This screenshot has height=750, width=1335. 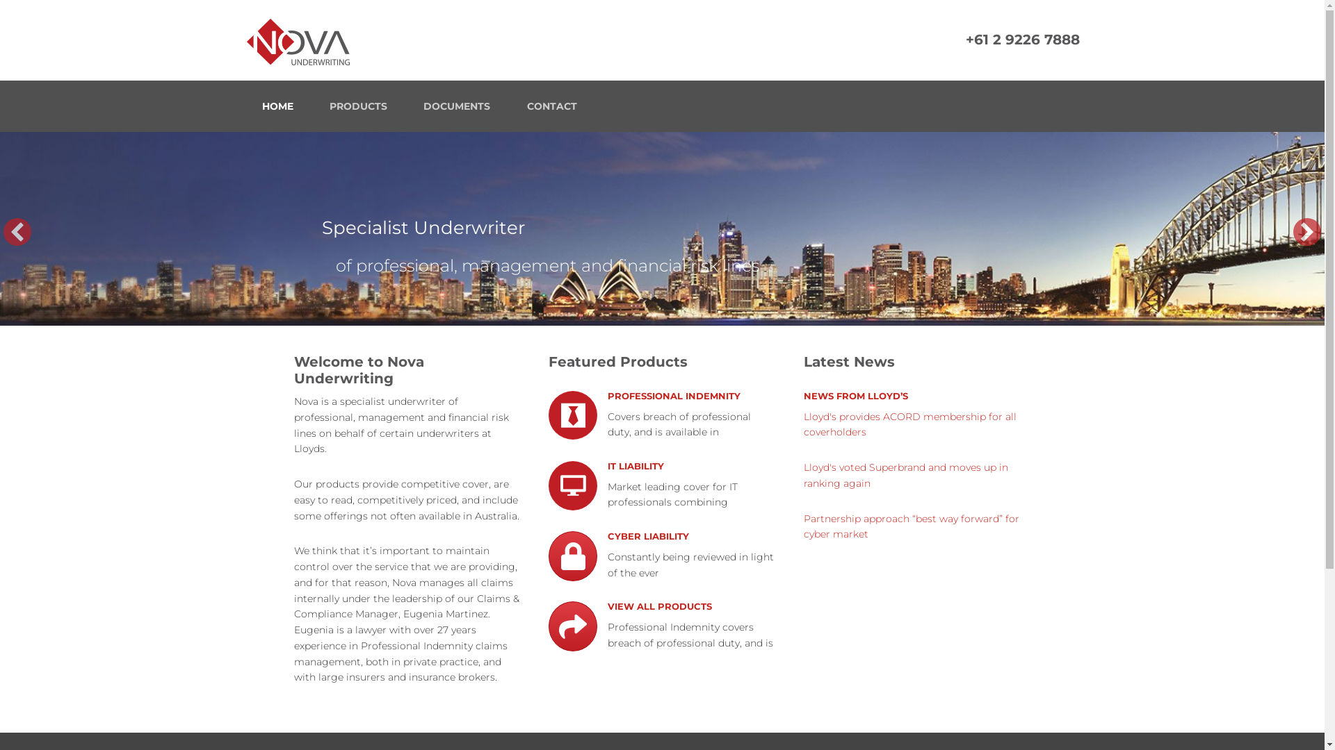 I want to click on 'Skip to primary navigation', so click(x=0, y=0).